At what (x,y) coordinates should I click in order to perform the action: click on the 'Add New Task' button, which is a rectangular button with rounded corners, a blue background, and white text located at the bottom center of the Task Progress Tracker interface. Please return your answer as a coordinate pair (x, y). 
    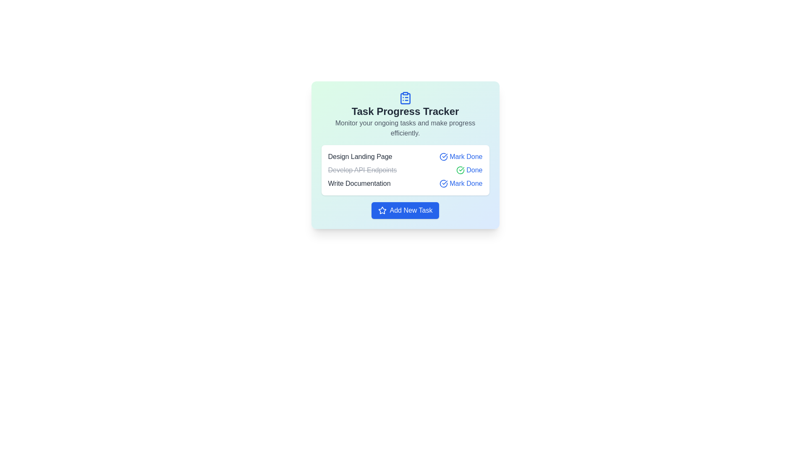
    Looking at the image, I should click on (405, 210).